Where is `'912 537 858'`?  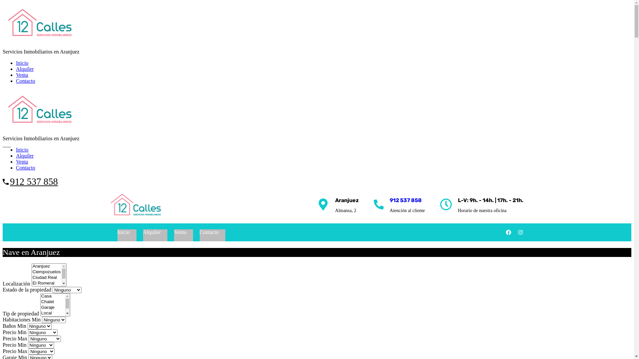 '912 537 858' is located at coordinates (33, 181).